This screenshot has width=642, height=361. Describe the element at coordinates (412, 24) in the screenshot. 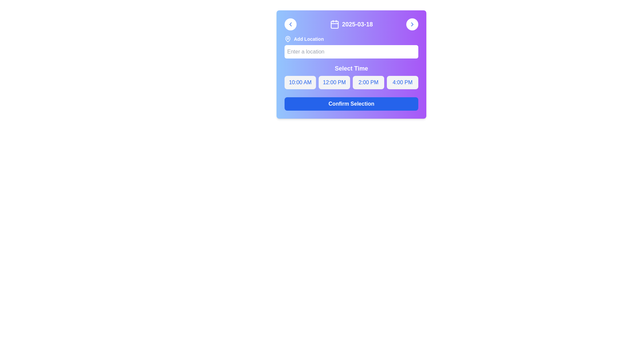

I see `the arrow-shaped icon pointing to the right located` at that location.